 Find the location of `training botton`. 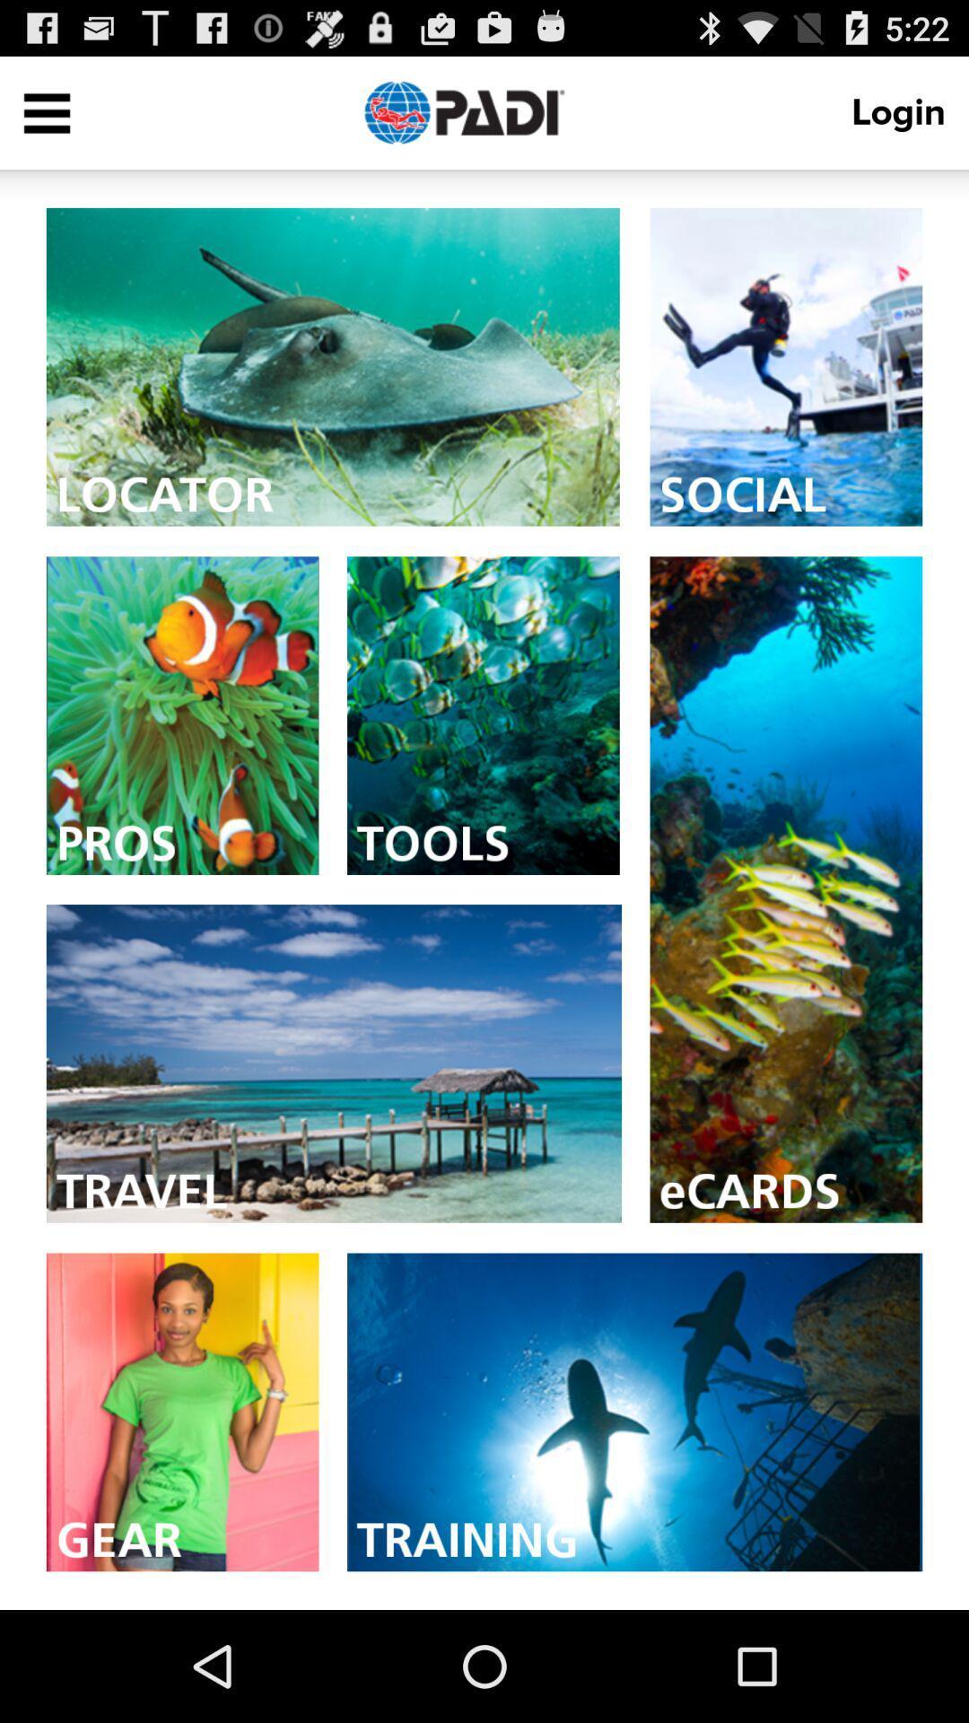

training botton is located at coordinates (633, 1411).